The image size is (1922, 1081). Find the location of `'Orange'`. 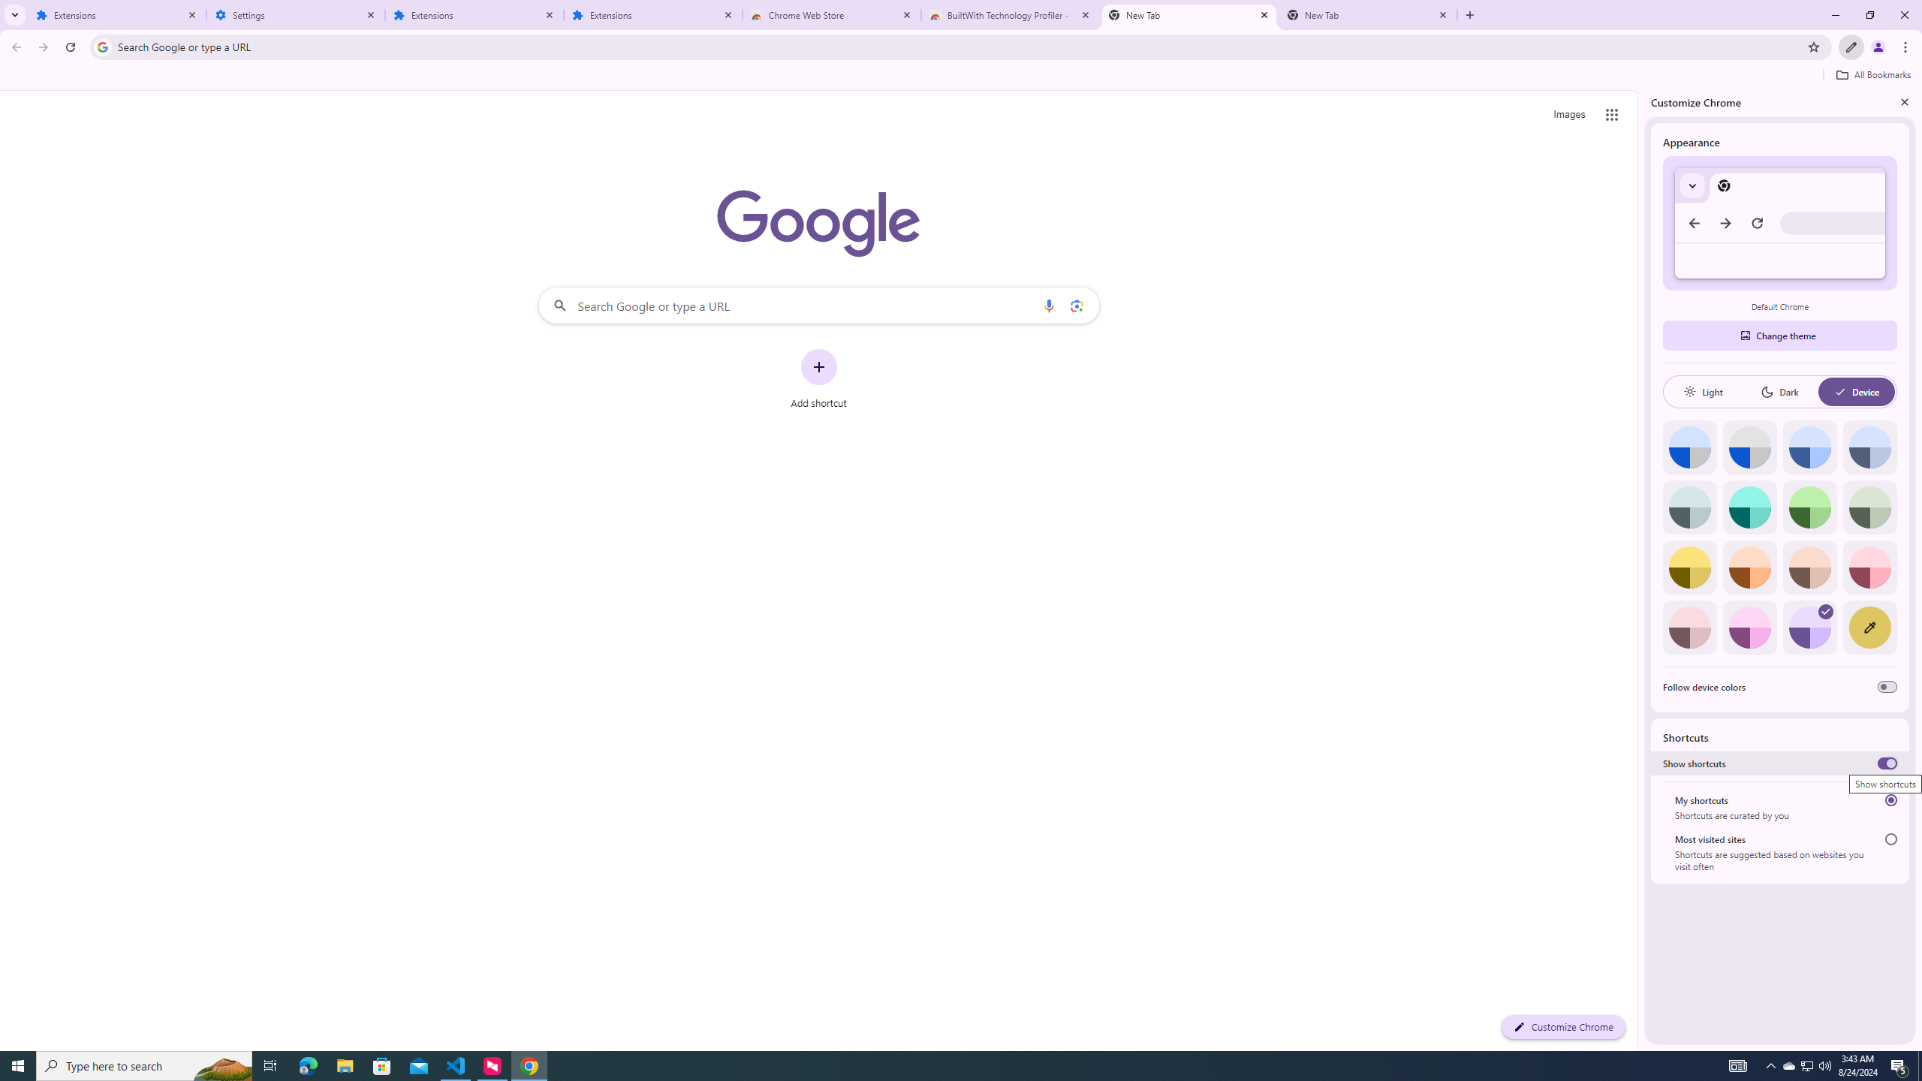

'Orange' is located at coordinates (1749, 567).